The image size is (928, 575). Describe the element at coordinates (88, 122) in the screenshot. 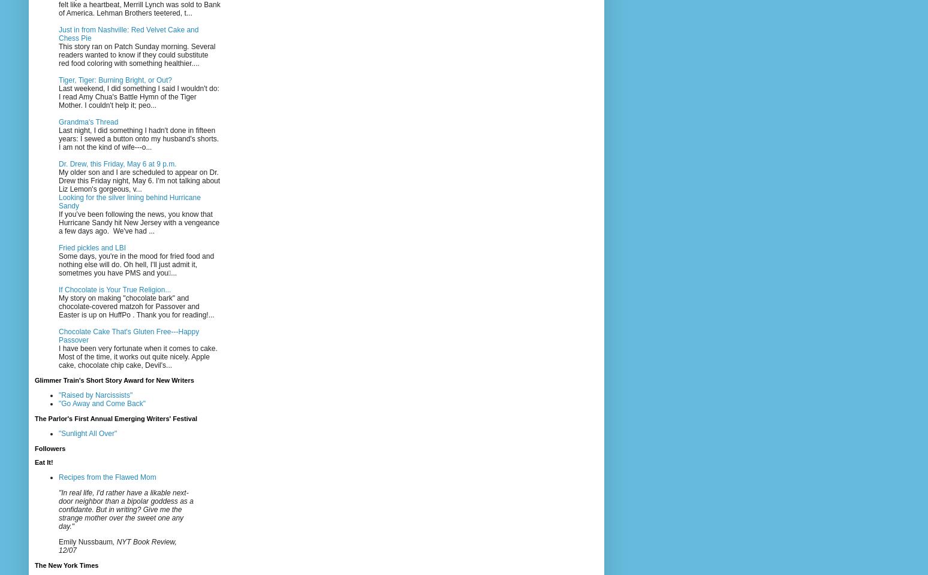

I see `'Grandma's Thread'` at that location.